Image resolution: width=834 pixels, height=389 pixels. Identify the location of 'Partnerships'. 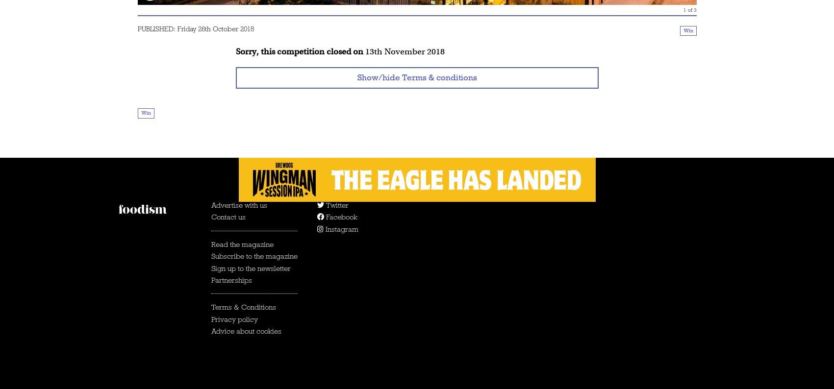
(230, 279).